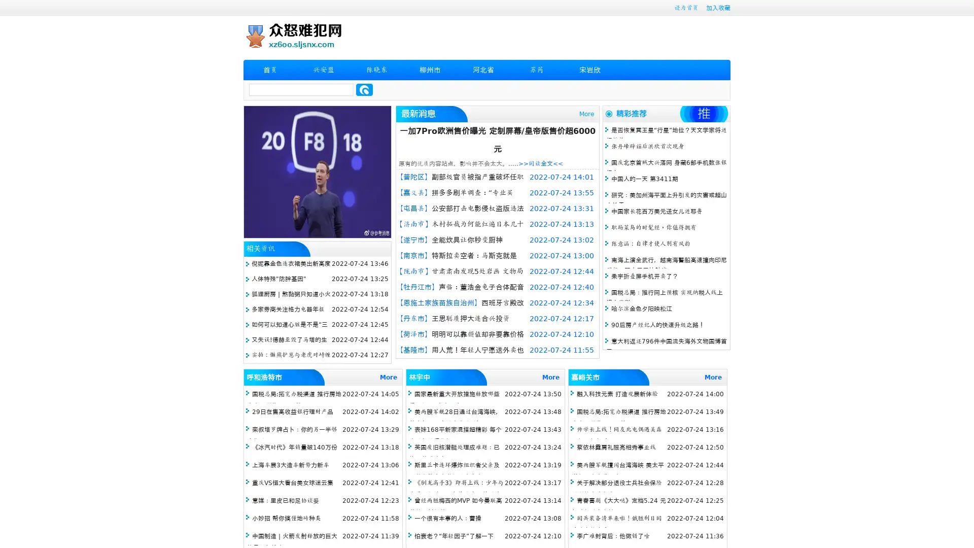 This screenshot has height=548, width=974. What do you see at coordinates (364, 89) in the screenshot?
I see `Search` at bounding box center [364, 89].